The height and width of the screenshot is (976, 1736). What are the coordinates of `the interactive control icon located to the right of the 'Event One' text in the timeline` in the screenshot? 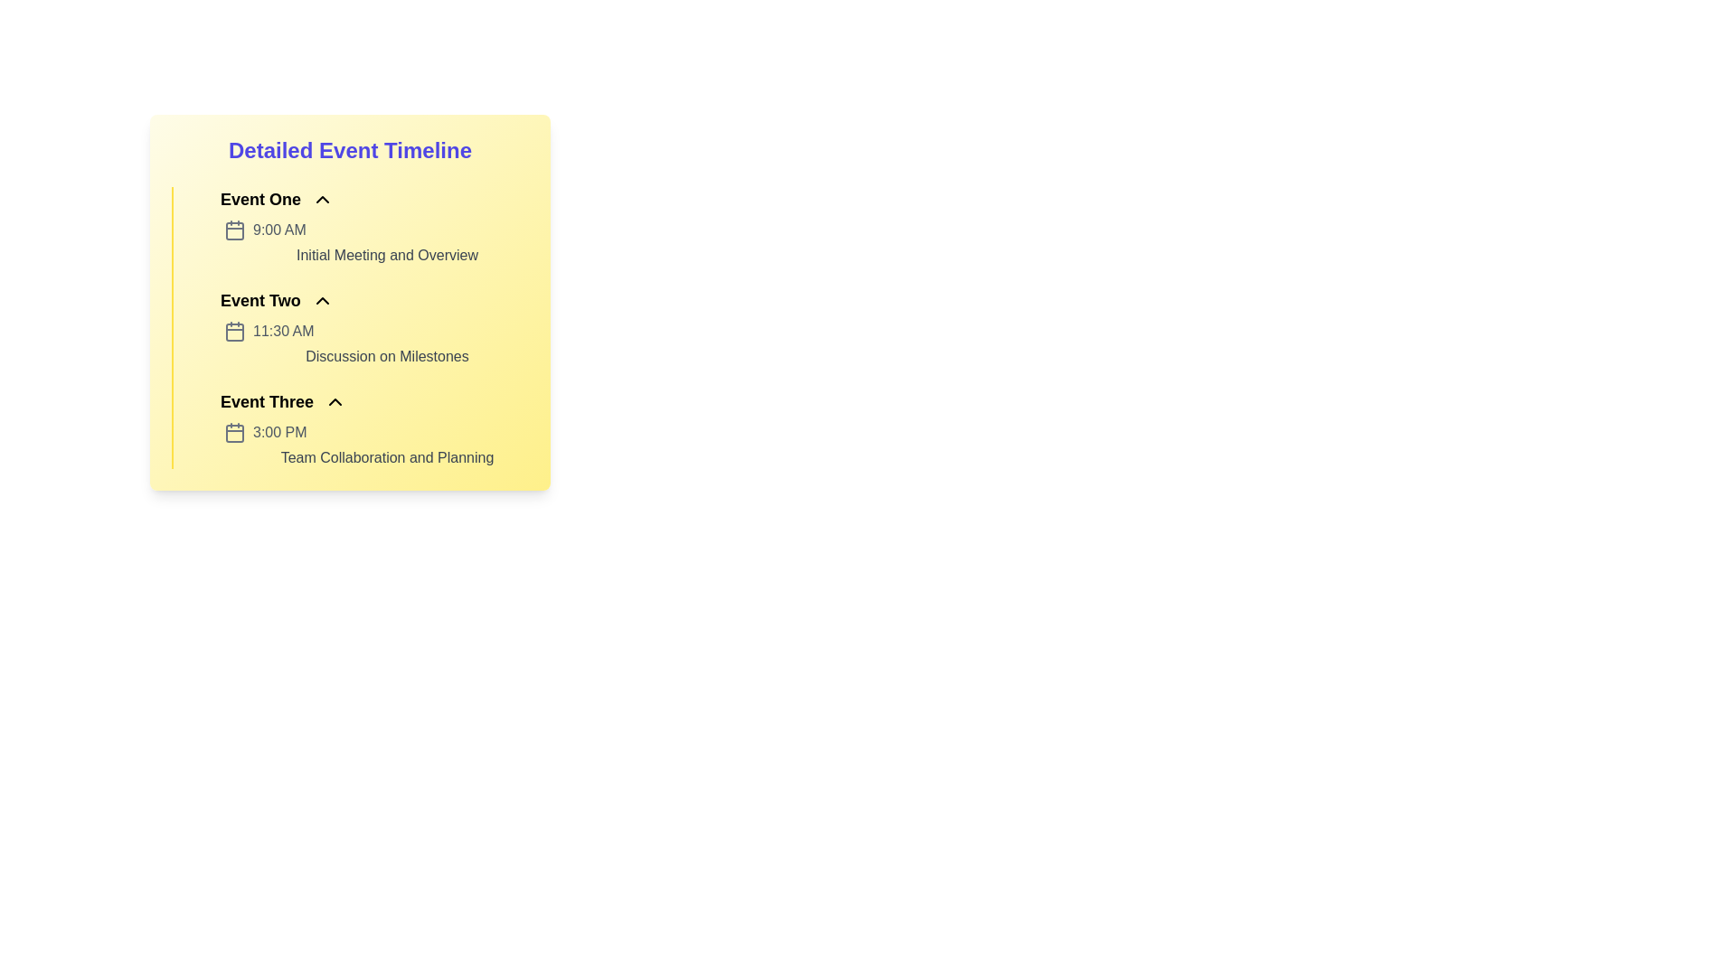 It's located at (323, 199).